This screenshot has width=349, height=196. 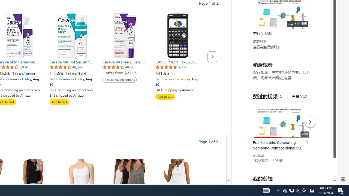 What do you see at coordinates (75, 73) in the screenshot?
I see `'($15.99/Fl Oz)'` at bounding box center [75, 73].